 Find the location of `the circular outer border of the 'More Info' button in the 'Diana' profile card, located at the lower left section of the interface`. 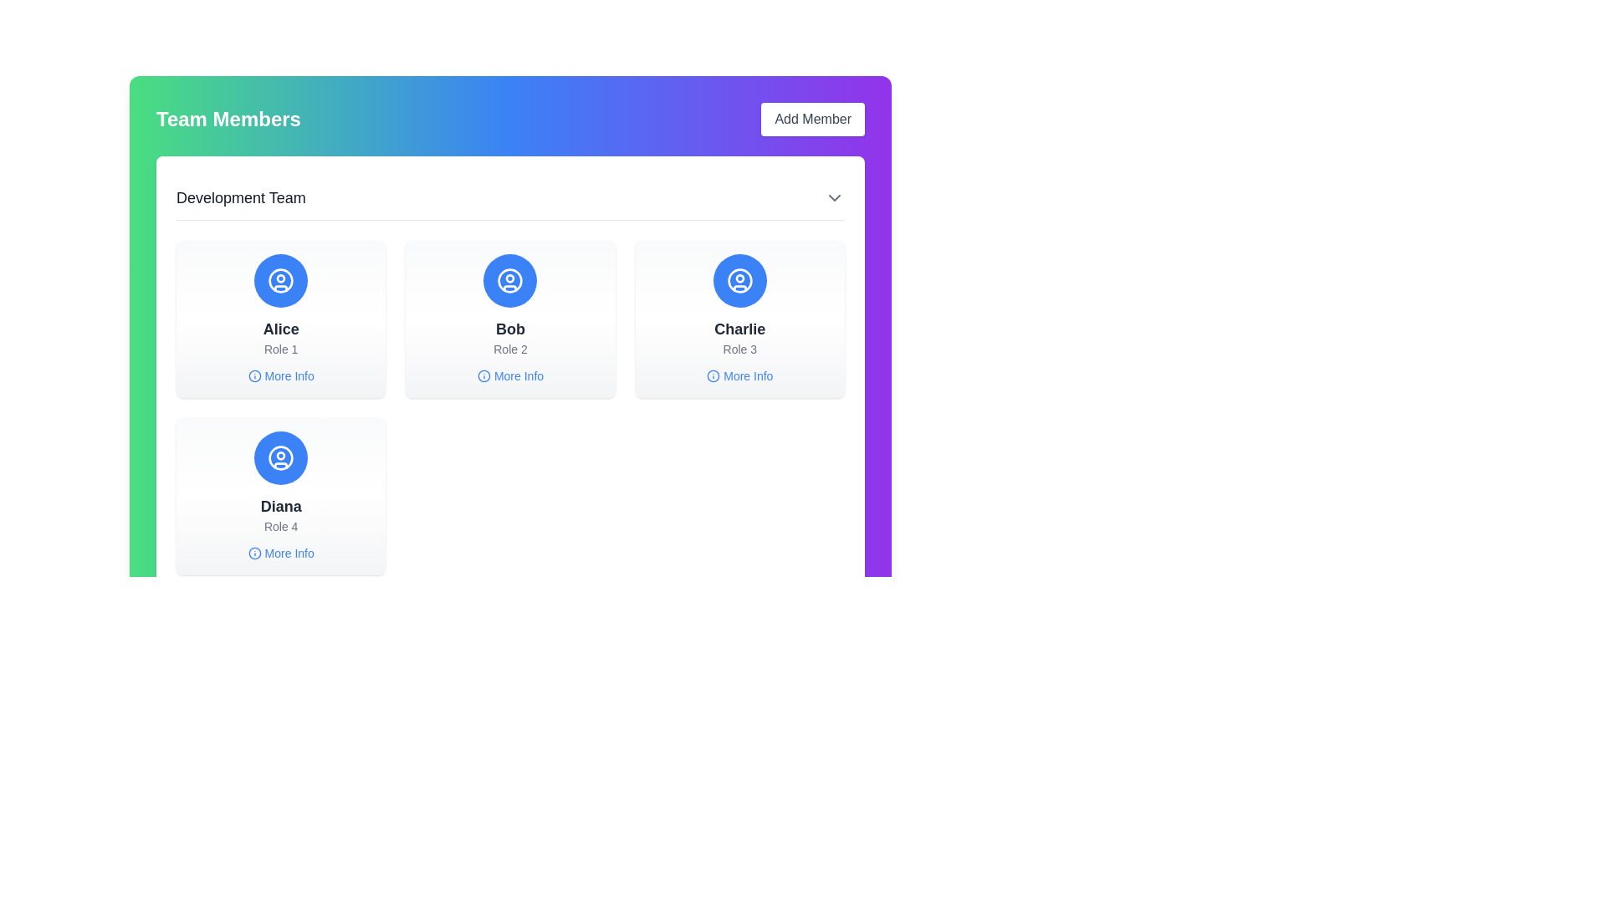

the circular outer border of the 'More Info' button in the 'Diana' profile card, located at the lower left section of the interface is located at coordinates (253, 554).